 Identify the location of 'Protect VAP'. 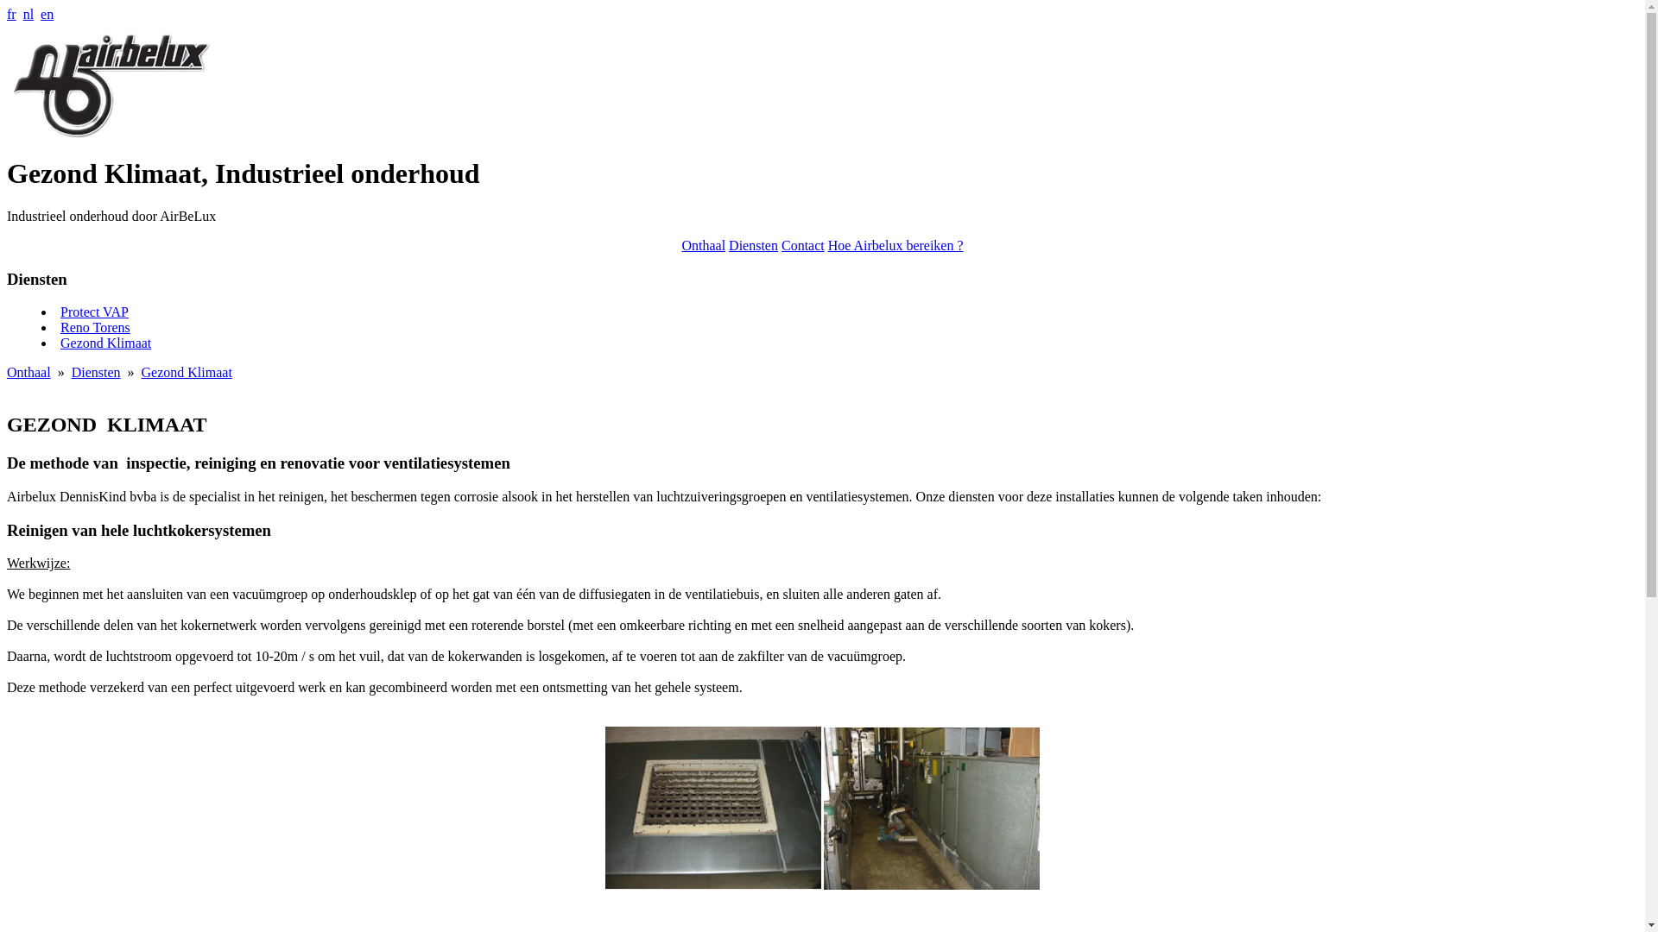
(93, 312).